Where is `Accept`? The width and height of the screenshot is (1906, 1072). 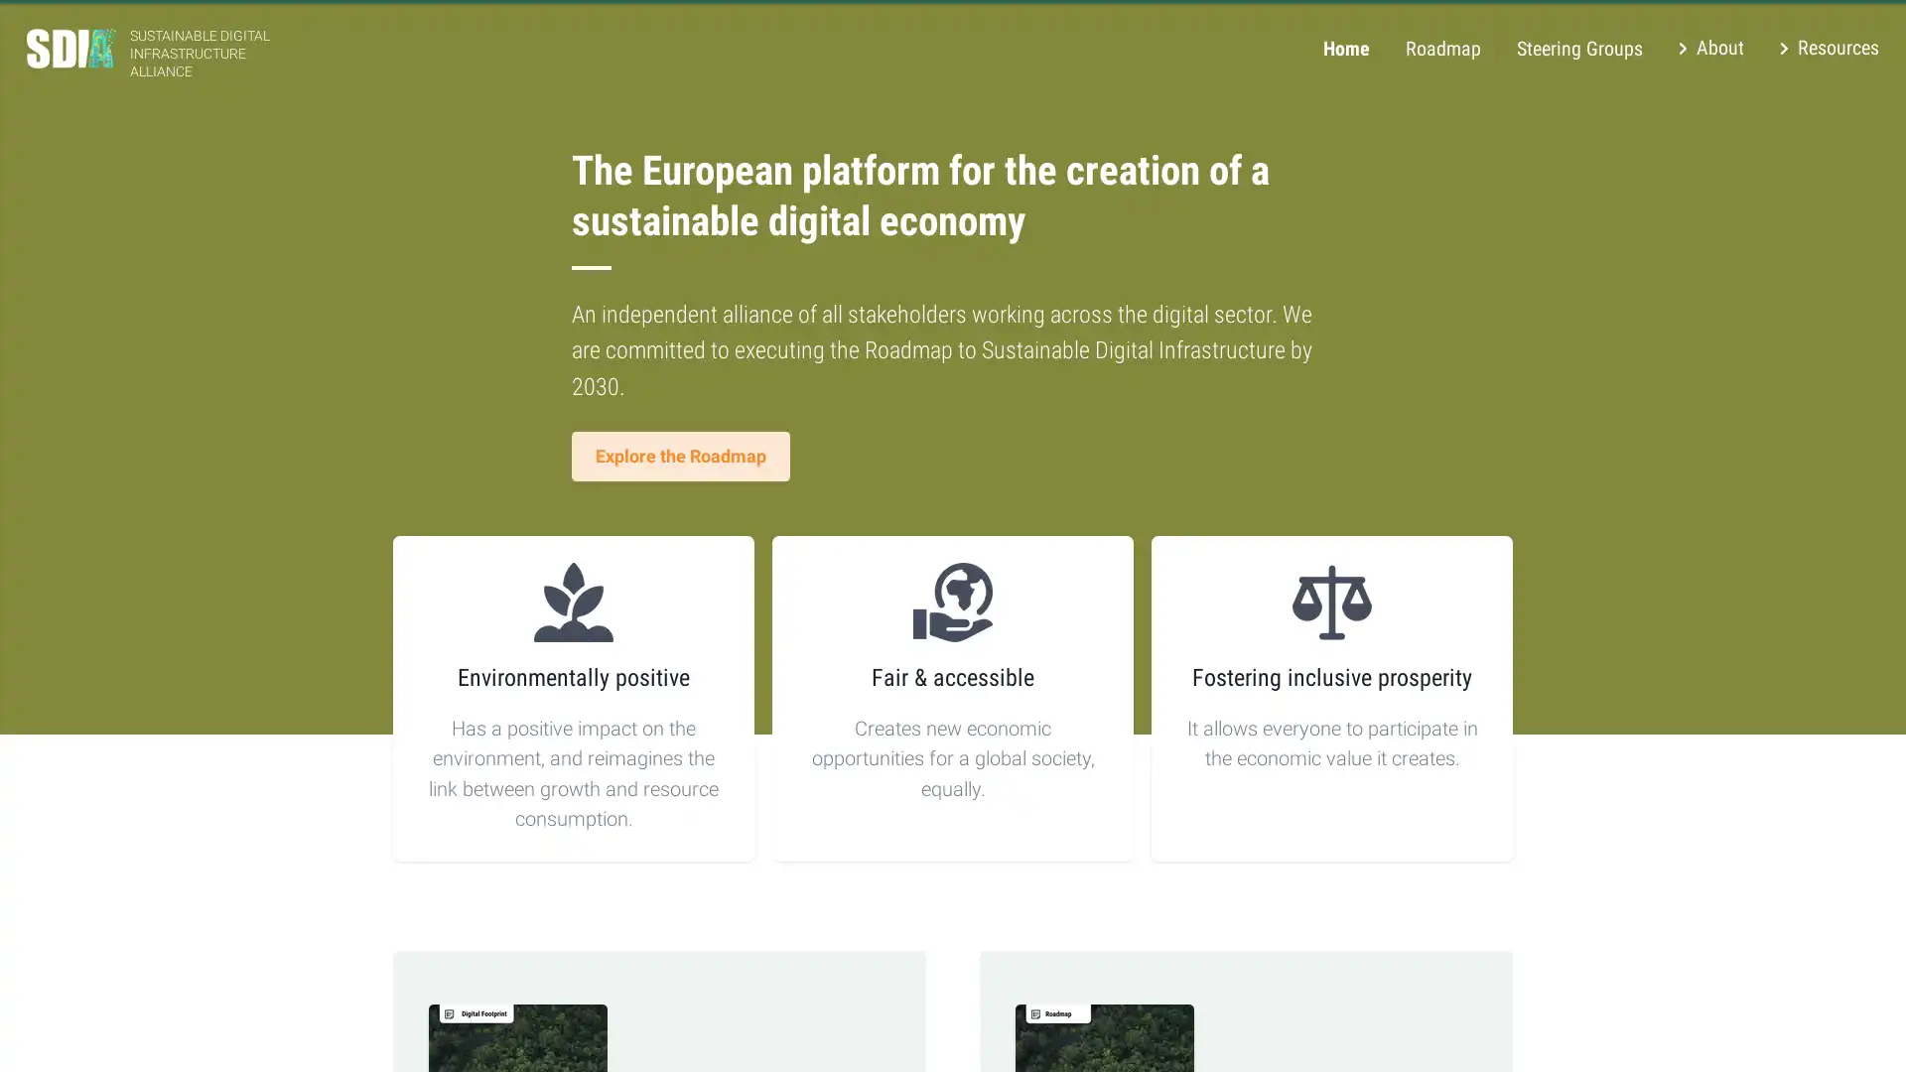 Accept is located at coordinates (1223, 140).